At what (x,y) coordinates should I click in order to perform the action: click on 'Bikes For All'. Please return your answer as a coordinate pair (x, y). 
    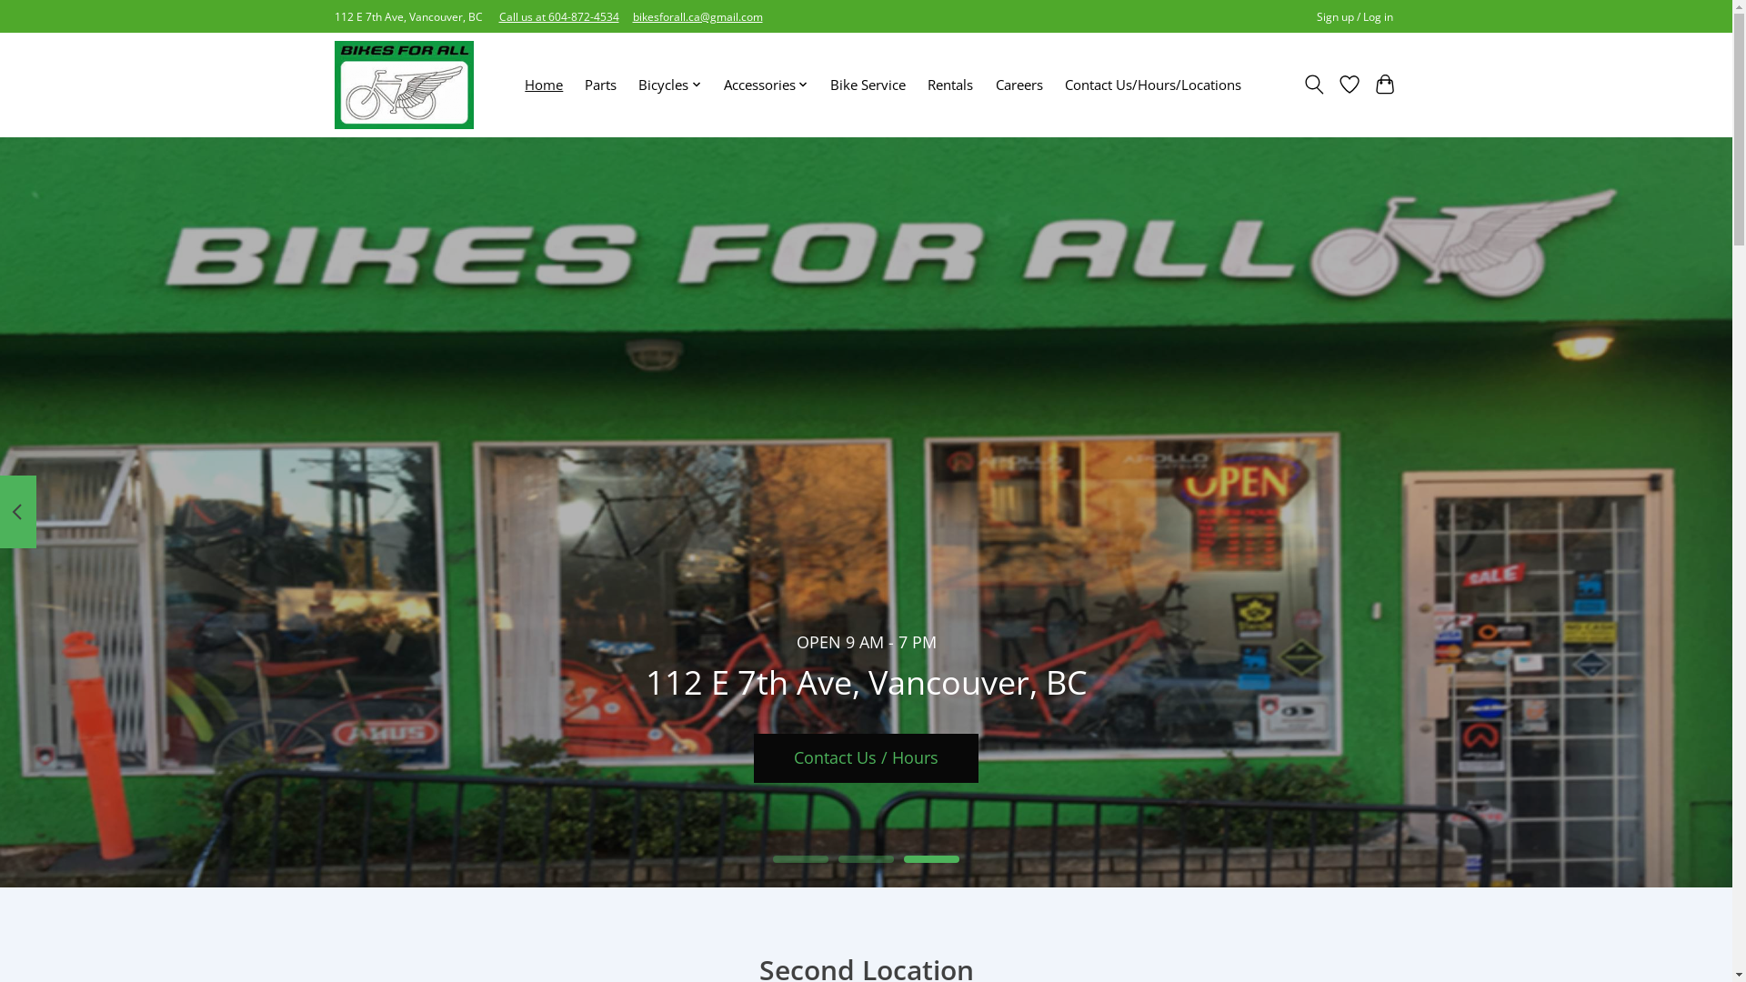
    Looking at the image, I should click on (403, 84).